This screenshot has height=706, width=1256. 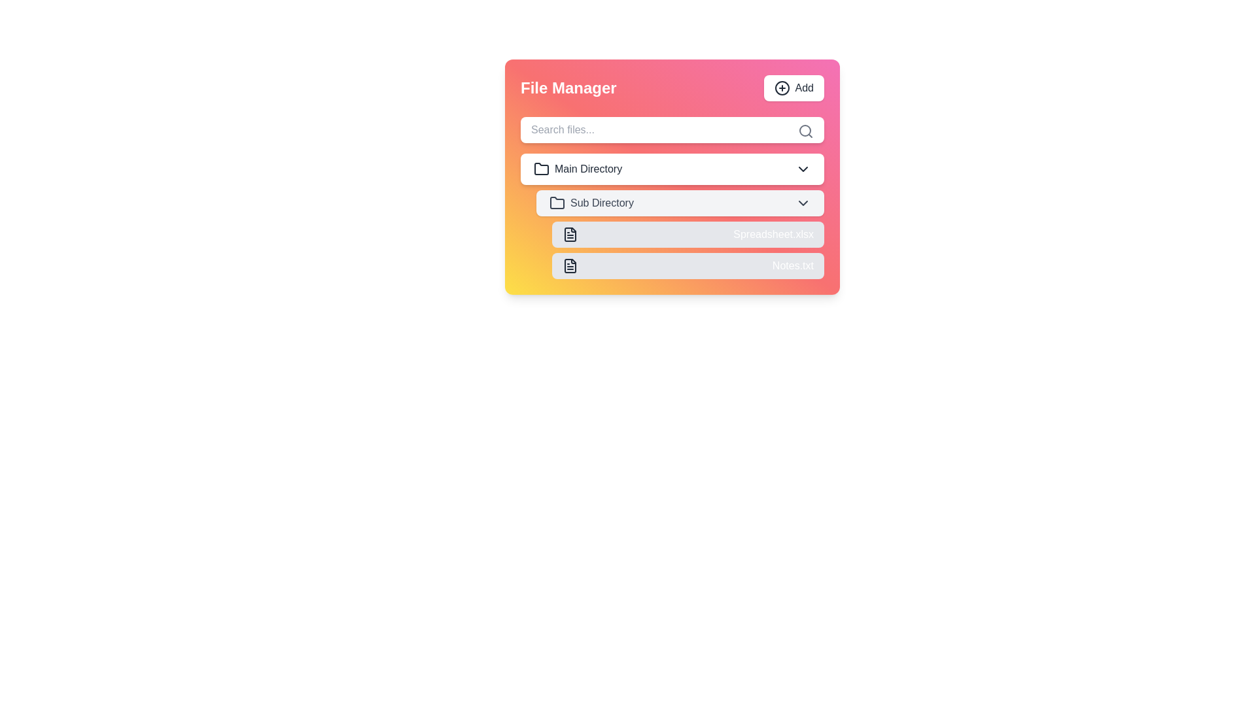 I want to click on the icon representing the file within the 'Spreadsheet.xlsx' entry in the file manager interface, which is located to the left of the highlighted row, so click(x=570, y=233).